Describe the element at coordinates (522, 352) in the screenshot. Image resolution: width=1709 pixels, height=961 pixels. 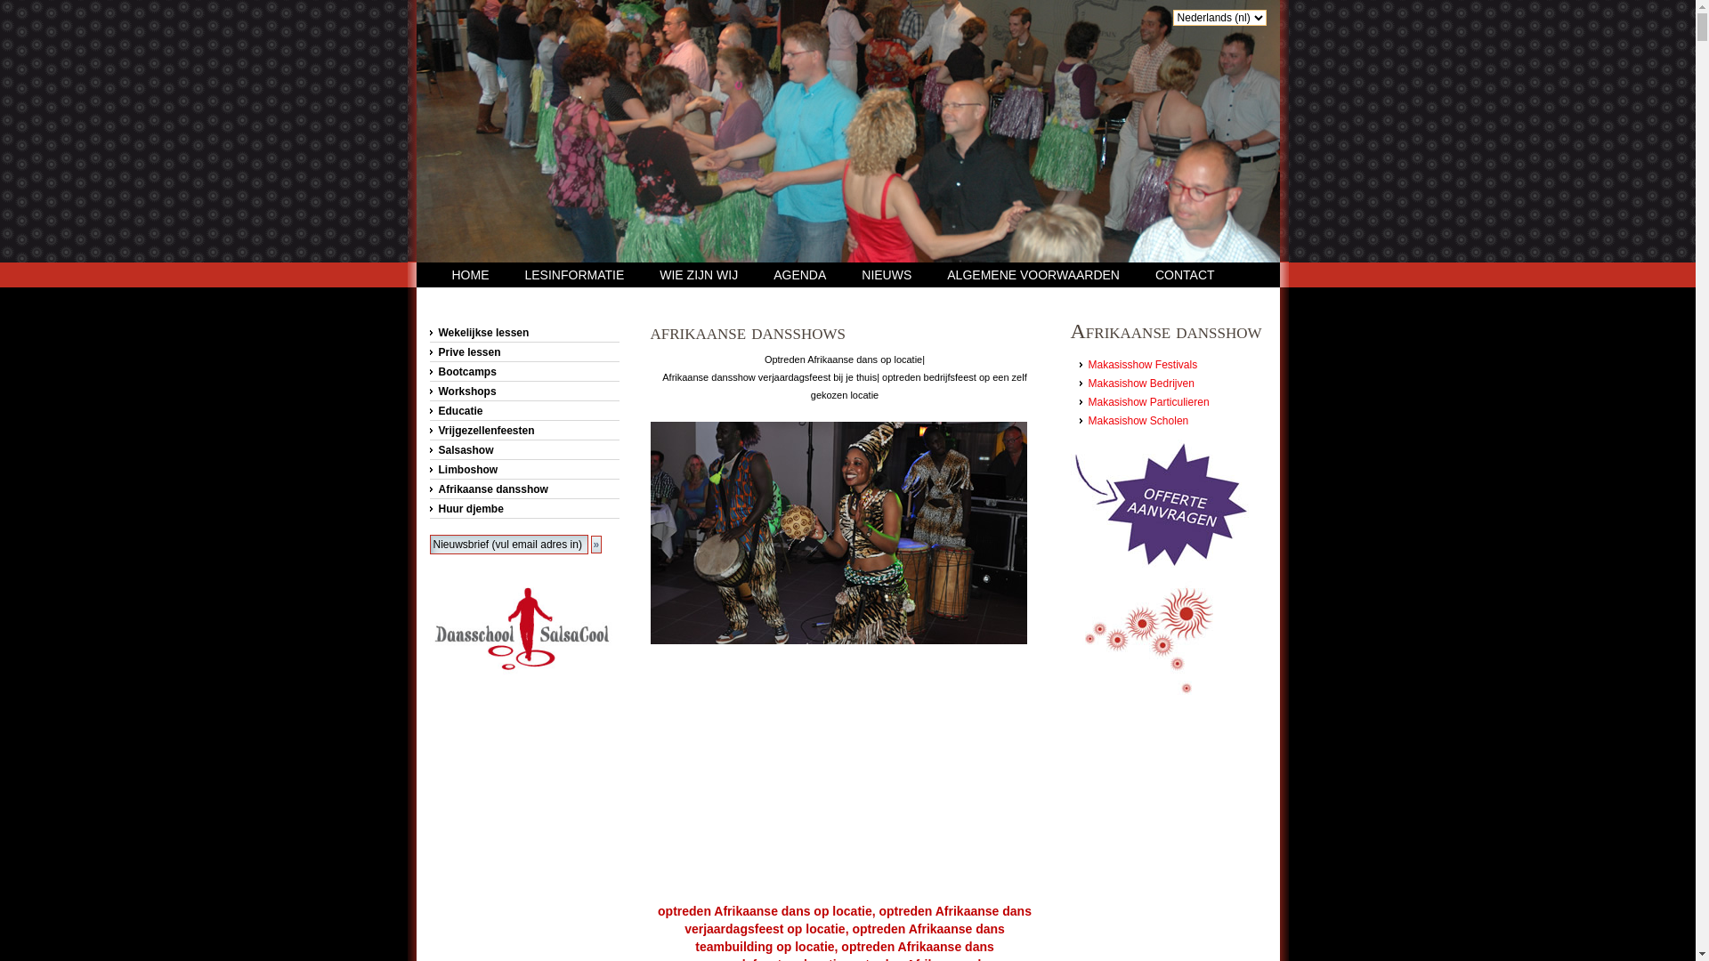
I see `'Prive lessen'` at that location.